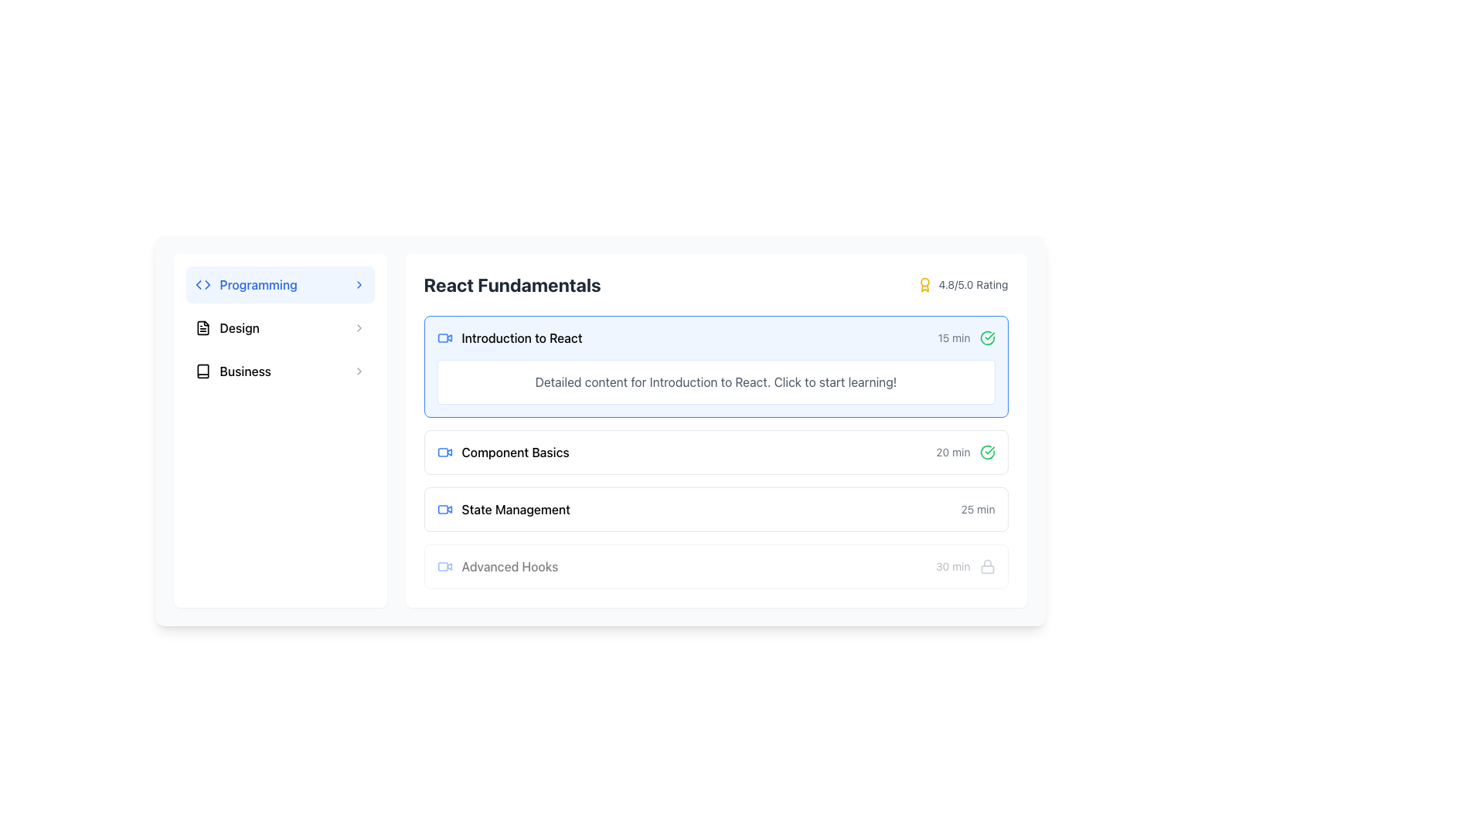 This screenshot has height=834, width=1484. I want to click on the SVG rectangle with rounded corners that is part of the video icon, located near the text 'Advanced Hooks' under the 'React Fundamentals' section, so click(441, 566).